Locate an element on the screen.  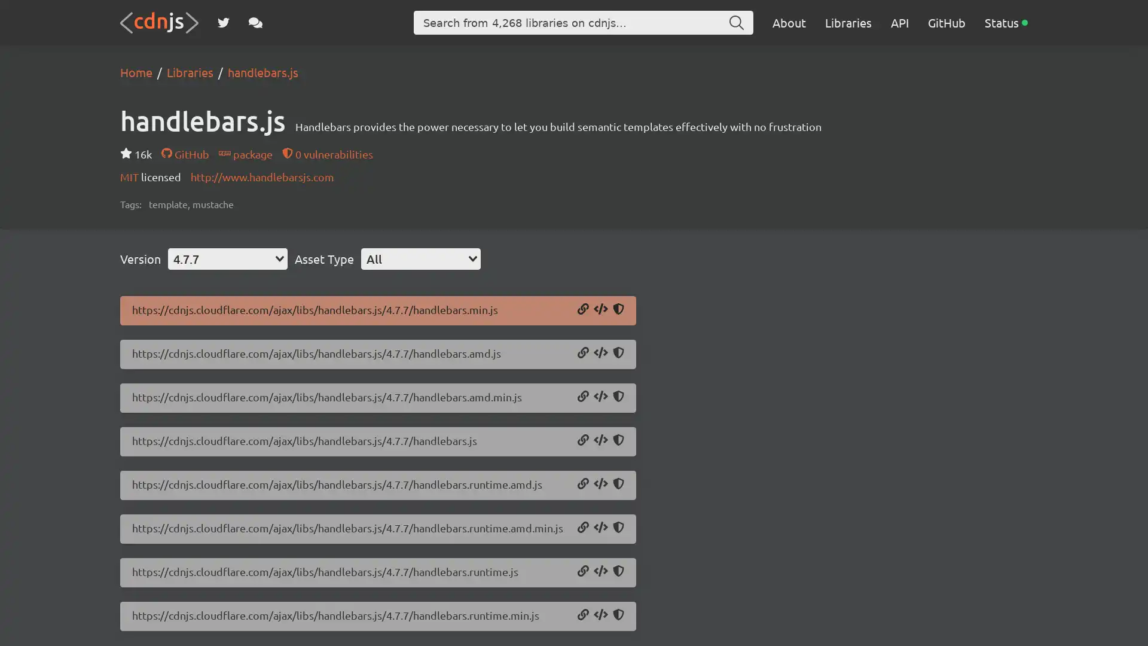
Copy SRI Hash is located at coordinates (618, 397).